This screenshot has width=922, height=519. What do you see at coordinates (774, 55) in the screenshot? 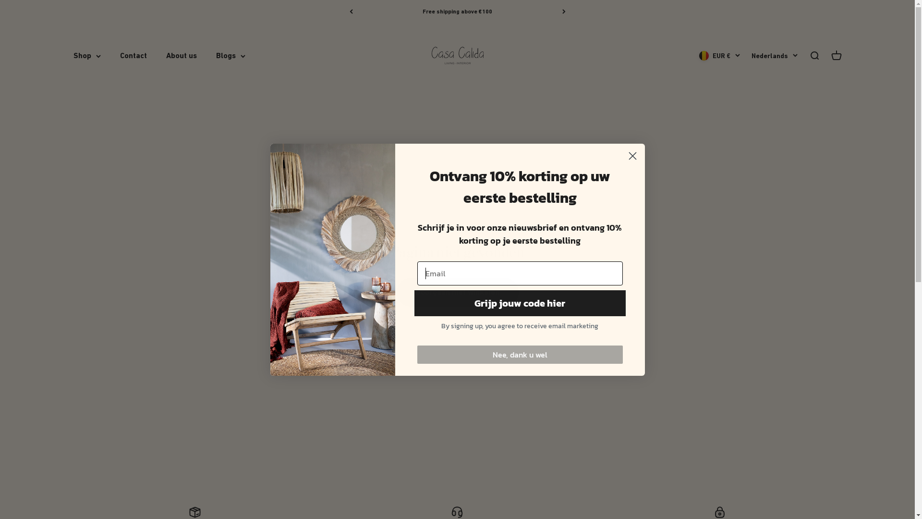
I see `'Nederlands'` at bounding box center [774, 55].